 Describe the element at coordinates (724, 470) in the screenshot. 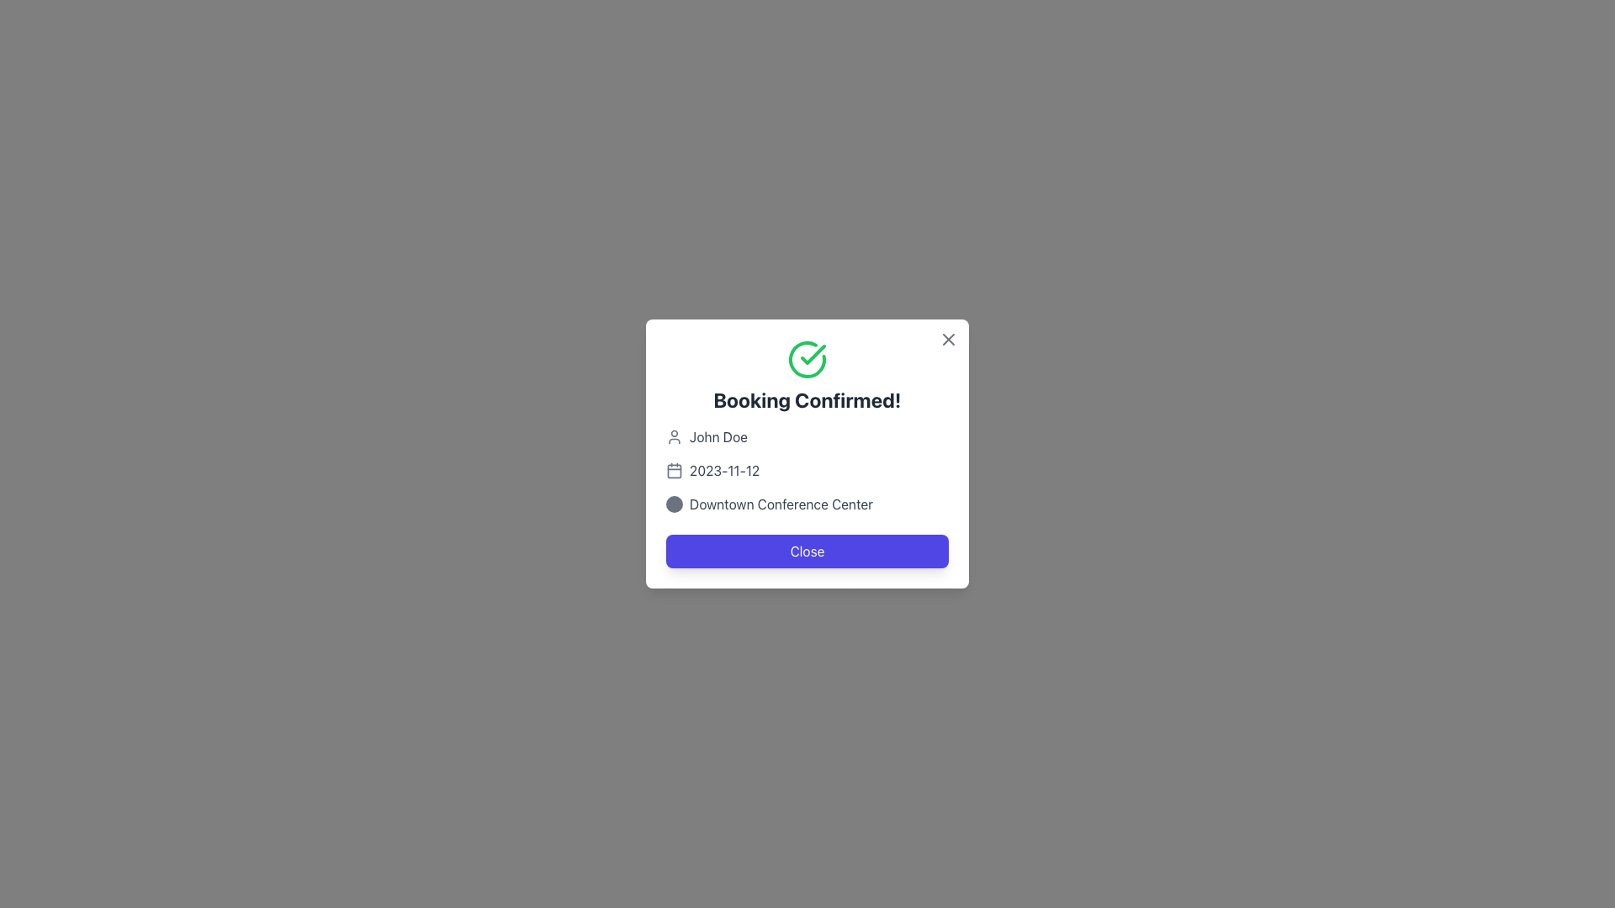

I see `the static text displaying the date '2023-11-12', which is styled in gray and is part of a booking confirmation modal` at that location.